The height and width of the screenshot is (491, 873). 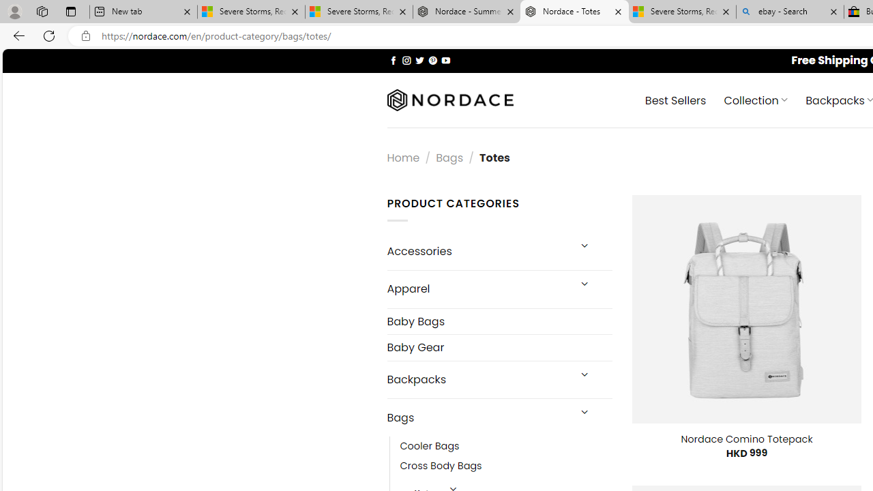 I want to click on 'Cooler Bags', so click(x=505, y=447).